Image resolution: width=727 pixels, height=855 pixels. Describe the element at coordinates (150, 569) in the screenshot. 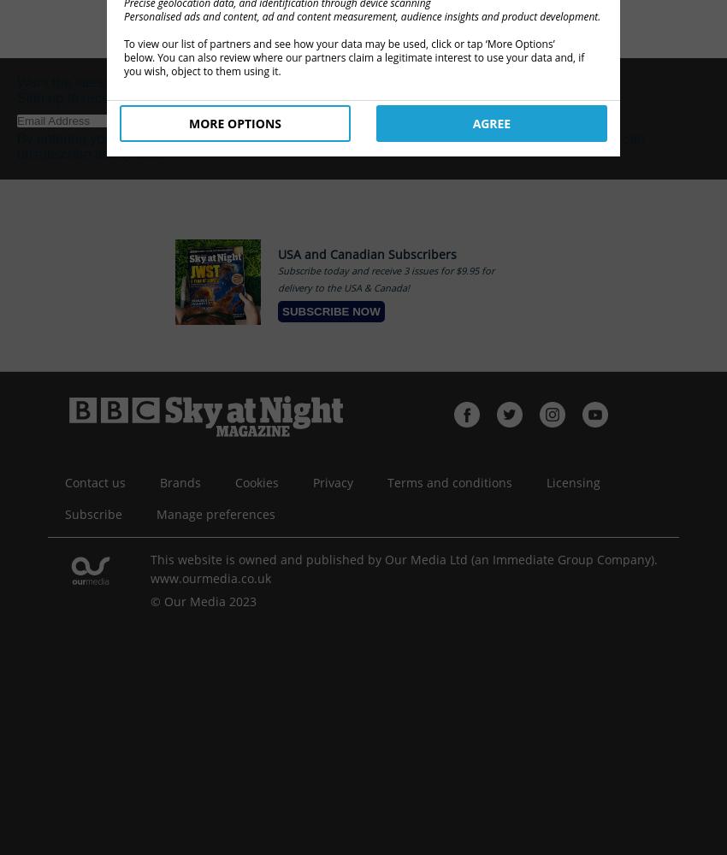

I see `'This website is owned and published by Our Media Ltd (an Immediate Group Company). www.ourmedia.co.uk'` at that location.